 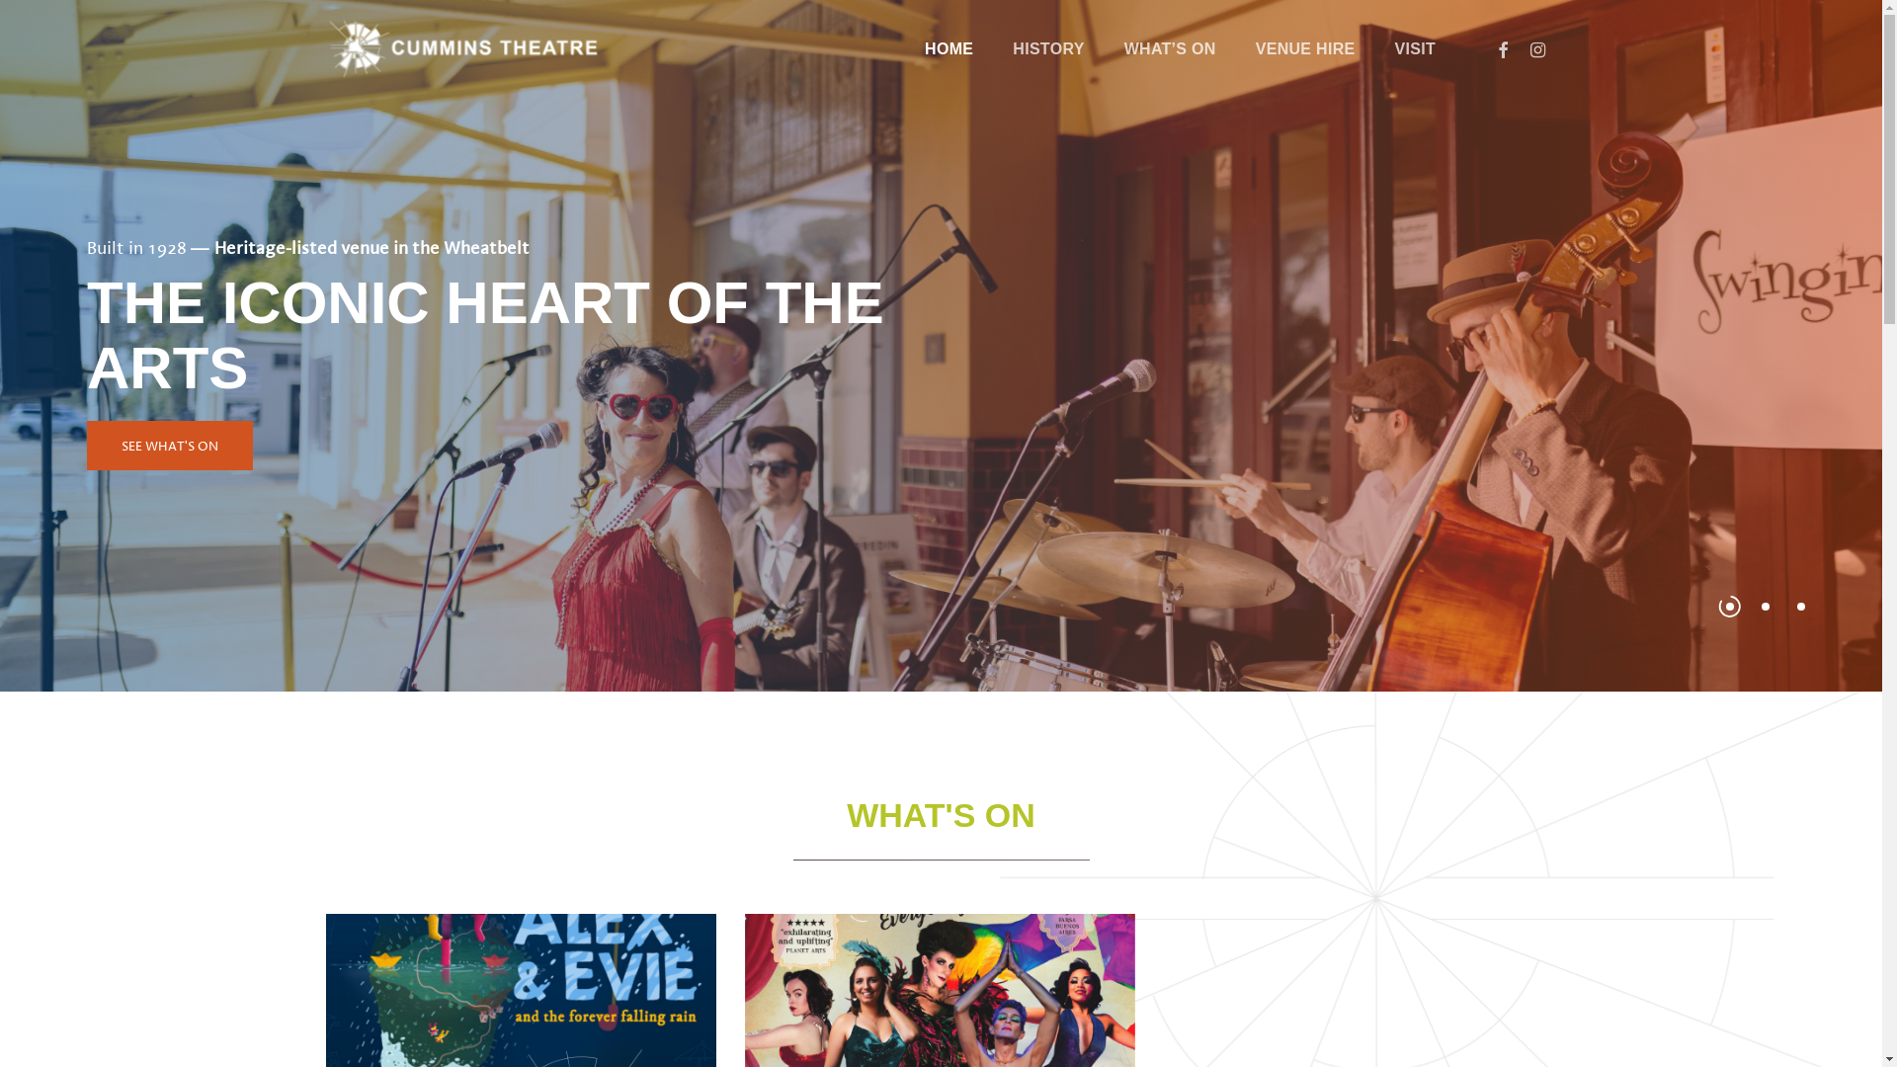 What do you see at coordinates (1520, 48) in the screenshot?
I see `'INSTAGRAM'` at bounding box center [1520, 48].